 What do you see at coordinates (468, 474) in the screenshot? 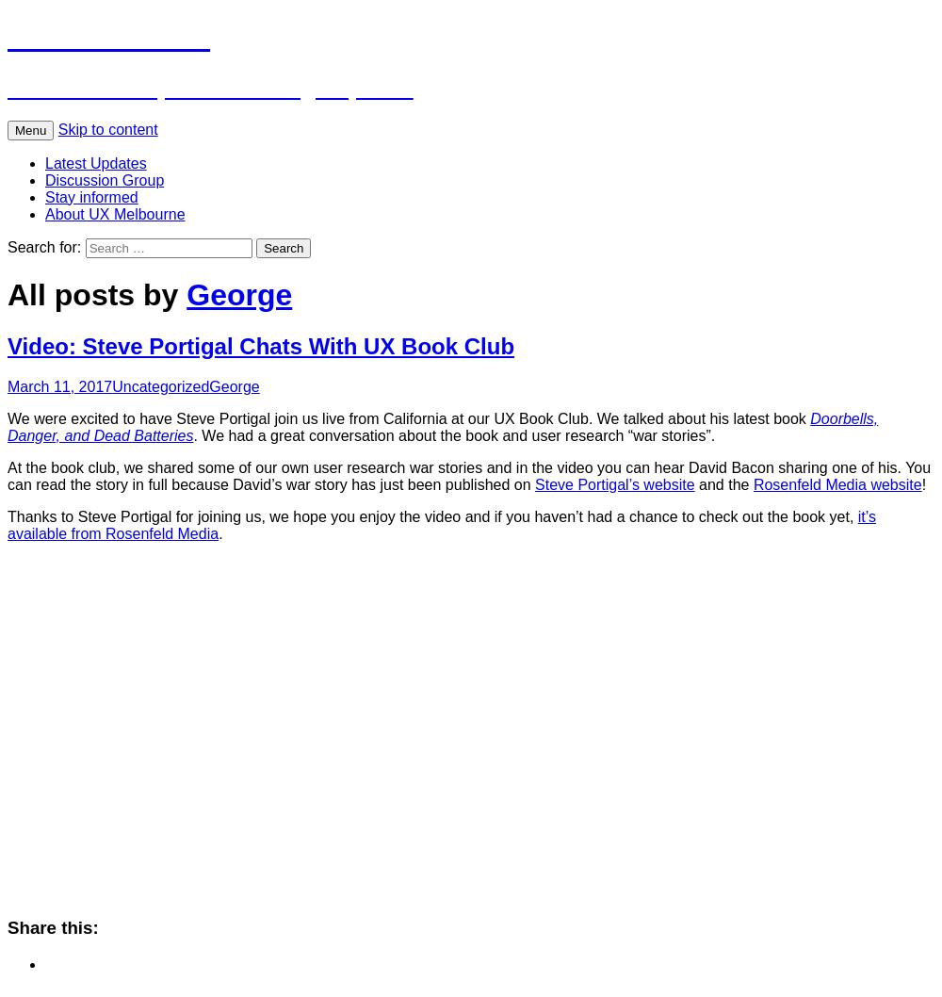
I see `'At the book club, we shared some of our own user research war stories and in the video you can hear David Bacon sharing one of his. You can read the story in full because David’s war story has just been published on'` at bounding box center [468, 474].